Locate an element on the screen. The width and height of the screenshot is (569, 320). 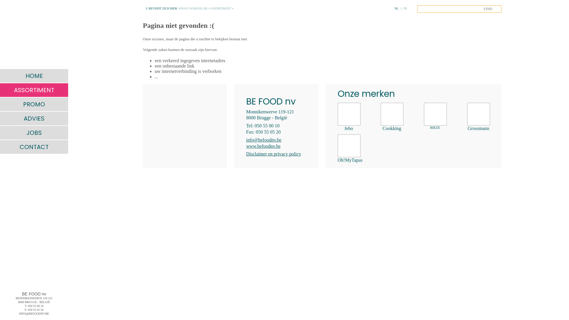
' Cookking' is located at coordinates (392, 117).